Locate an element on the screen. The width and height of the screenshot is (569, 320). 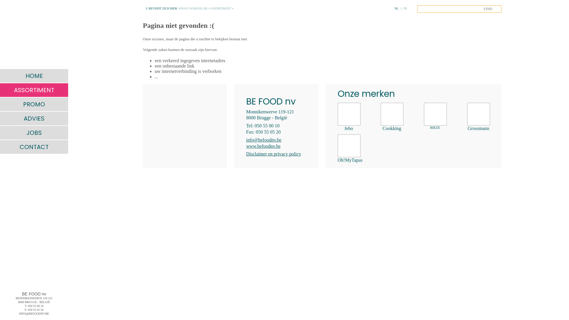
' Cookking' is located at coordinates (392, 117).